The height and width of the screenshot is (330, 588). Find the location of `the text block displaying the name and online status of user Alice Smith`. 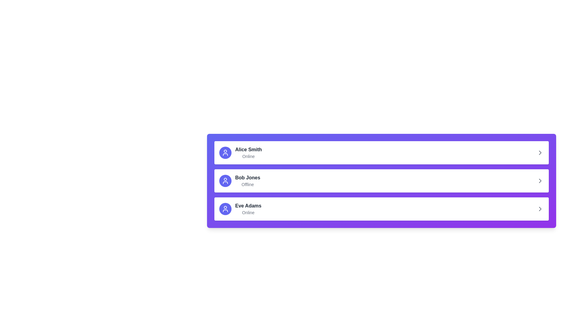

the text block displaying the name and online status of user Alice Smith is located at coordinates (248, 152).